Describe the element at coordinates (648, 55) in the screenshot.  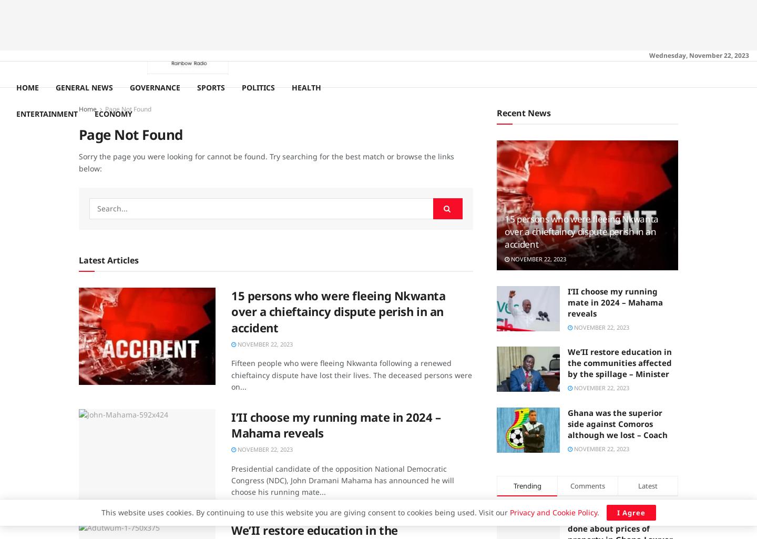
I see `'Wednesday, November 22, 2023'` at that location.